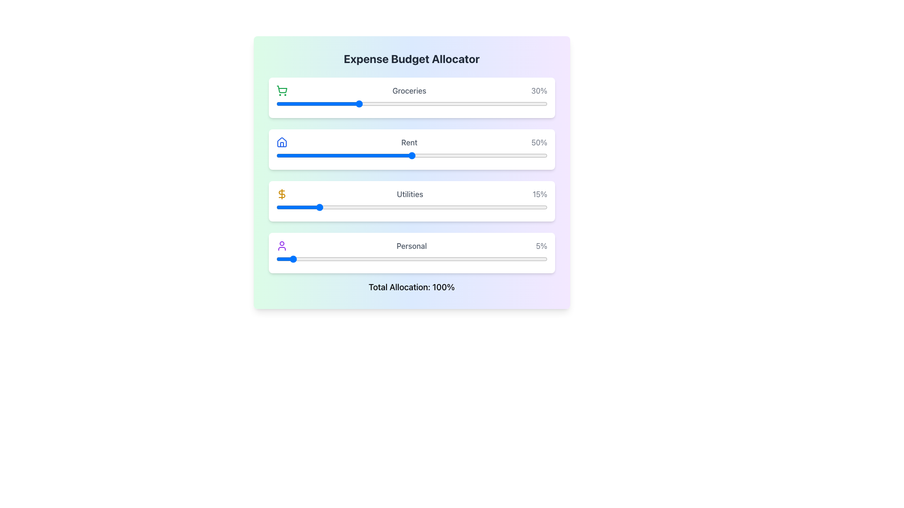 Image resolution: width=904 pixels, height=508 pixels. Describe the element at coordinates (539, 143) in the screenshot. I see `the static text element displaying '50%' which is positioned to the right of the blue slider in the 'Rent' section of the main allocation interface` at that location.